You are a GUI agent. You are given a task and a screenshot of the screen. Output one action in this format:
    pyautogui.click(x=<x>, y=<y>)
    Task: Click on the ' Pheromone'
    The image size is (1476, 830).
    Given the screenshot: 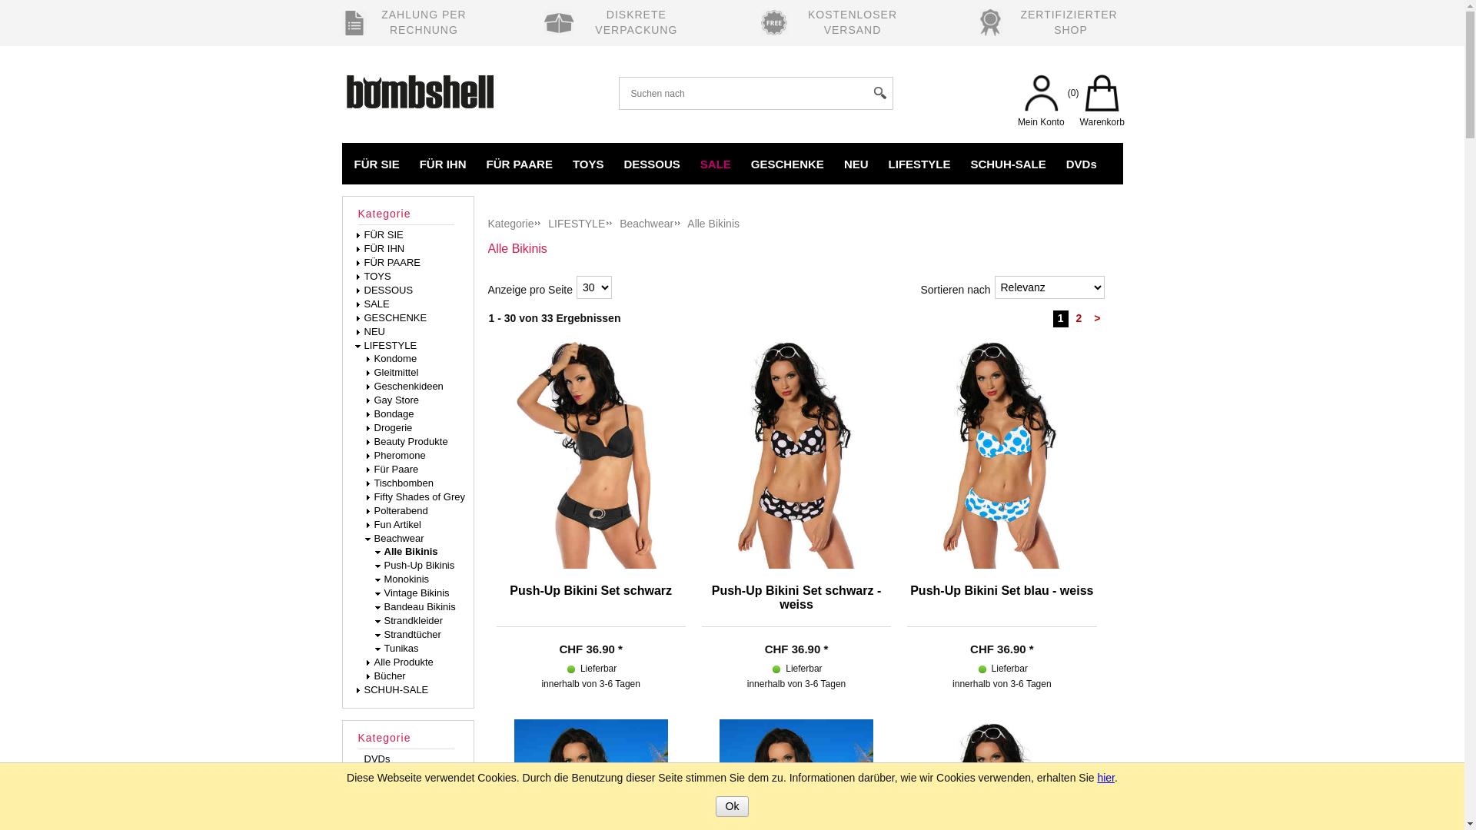 What is the action you would take?
    pyautogui.click(x=400, y=454)
    